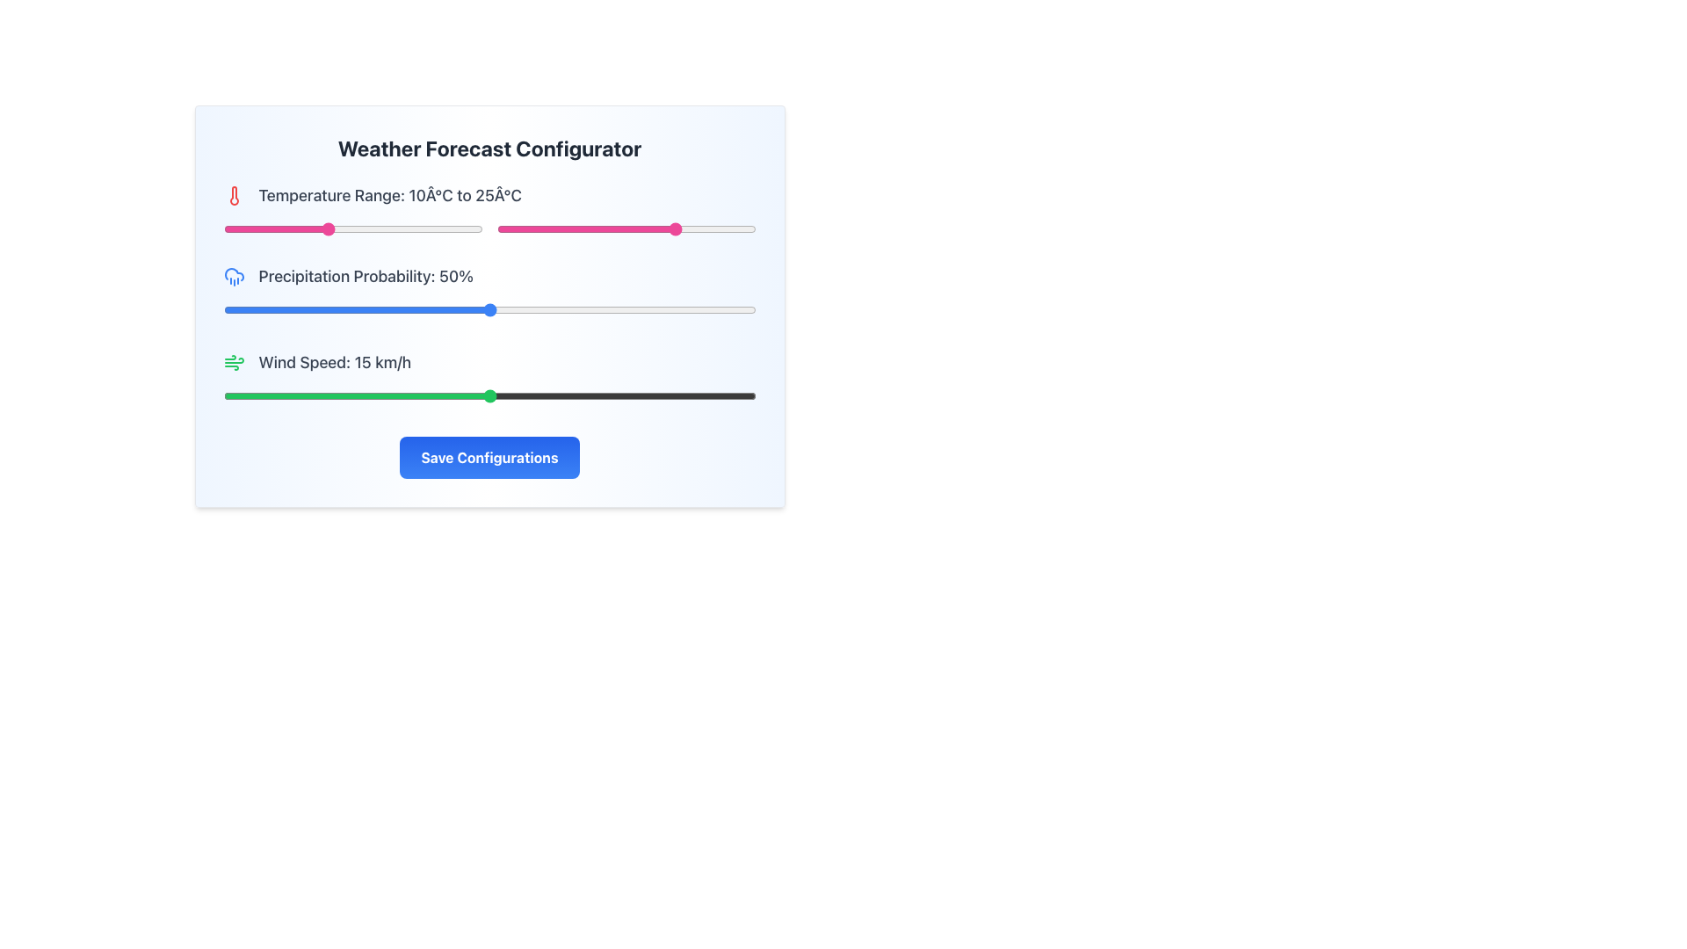  Describe the element at coordinates (574, 228) in the screenshot. I see `the temperature value` at that location.